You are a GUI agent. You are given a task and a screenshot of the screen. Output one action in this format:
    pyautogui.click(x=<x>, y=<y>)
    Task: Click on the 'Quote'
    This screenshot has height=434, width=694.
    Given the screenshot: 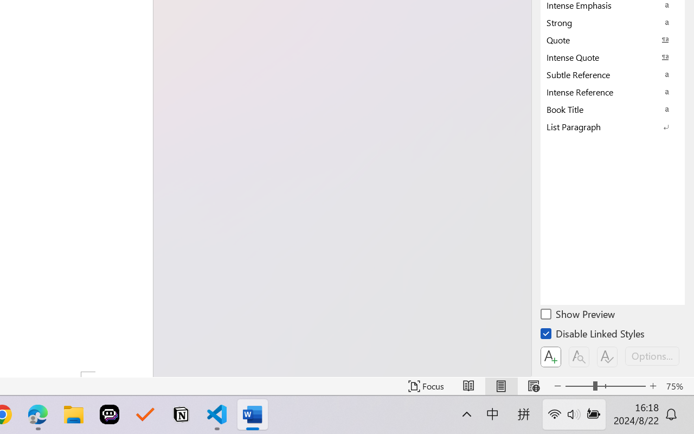 What is the action you would take?
    pyautogui.click(x=613, y=40)
    